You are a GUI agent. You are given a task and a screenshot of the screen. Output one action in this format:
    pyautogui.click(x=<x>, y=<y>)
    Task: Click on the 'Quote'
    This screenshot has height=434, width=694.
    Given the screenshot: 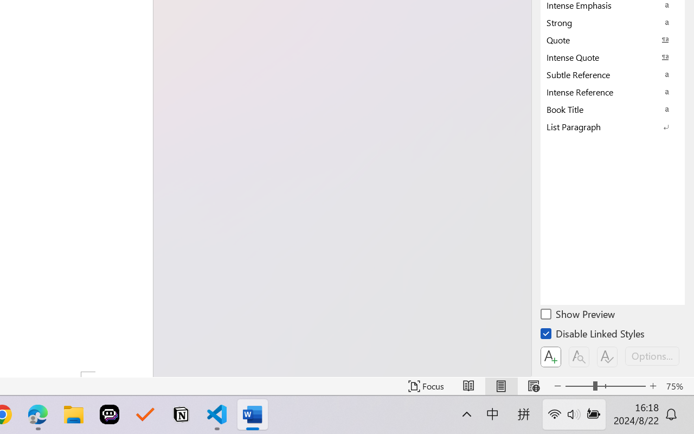 What is the action you would take?
    pyautogui.click(x=613, y=40)
    